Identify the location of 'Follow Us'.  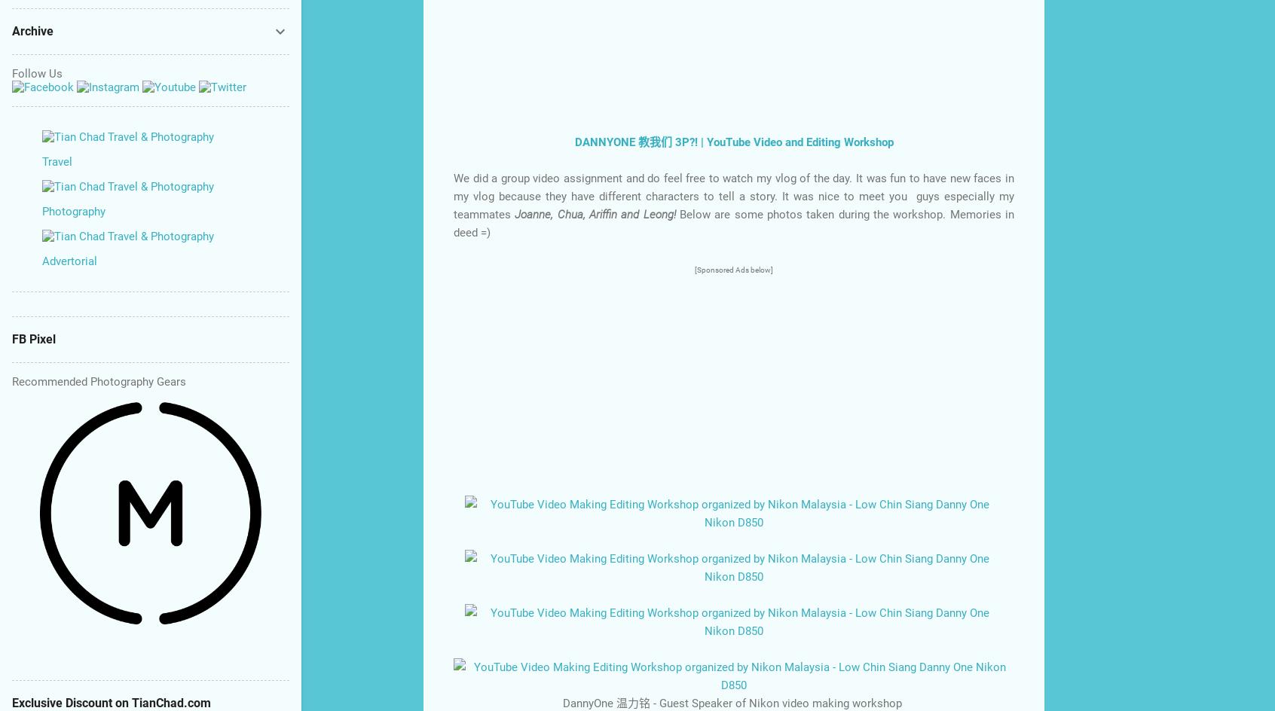
(36, 72).